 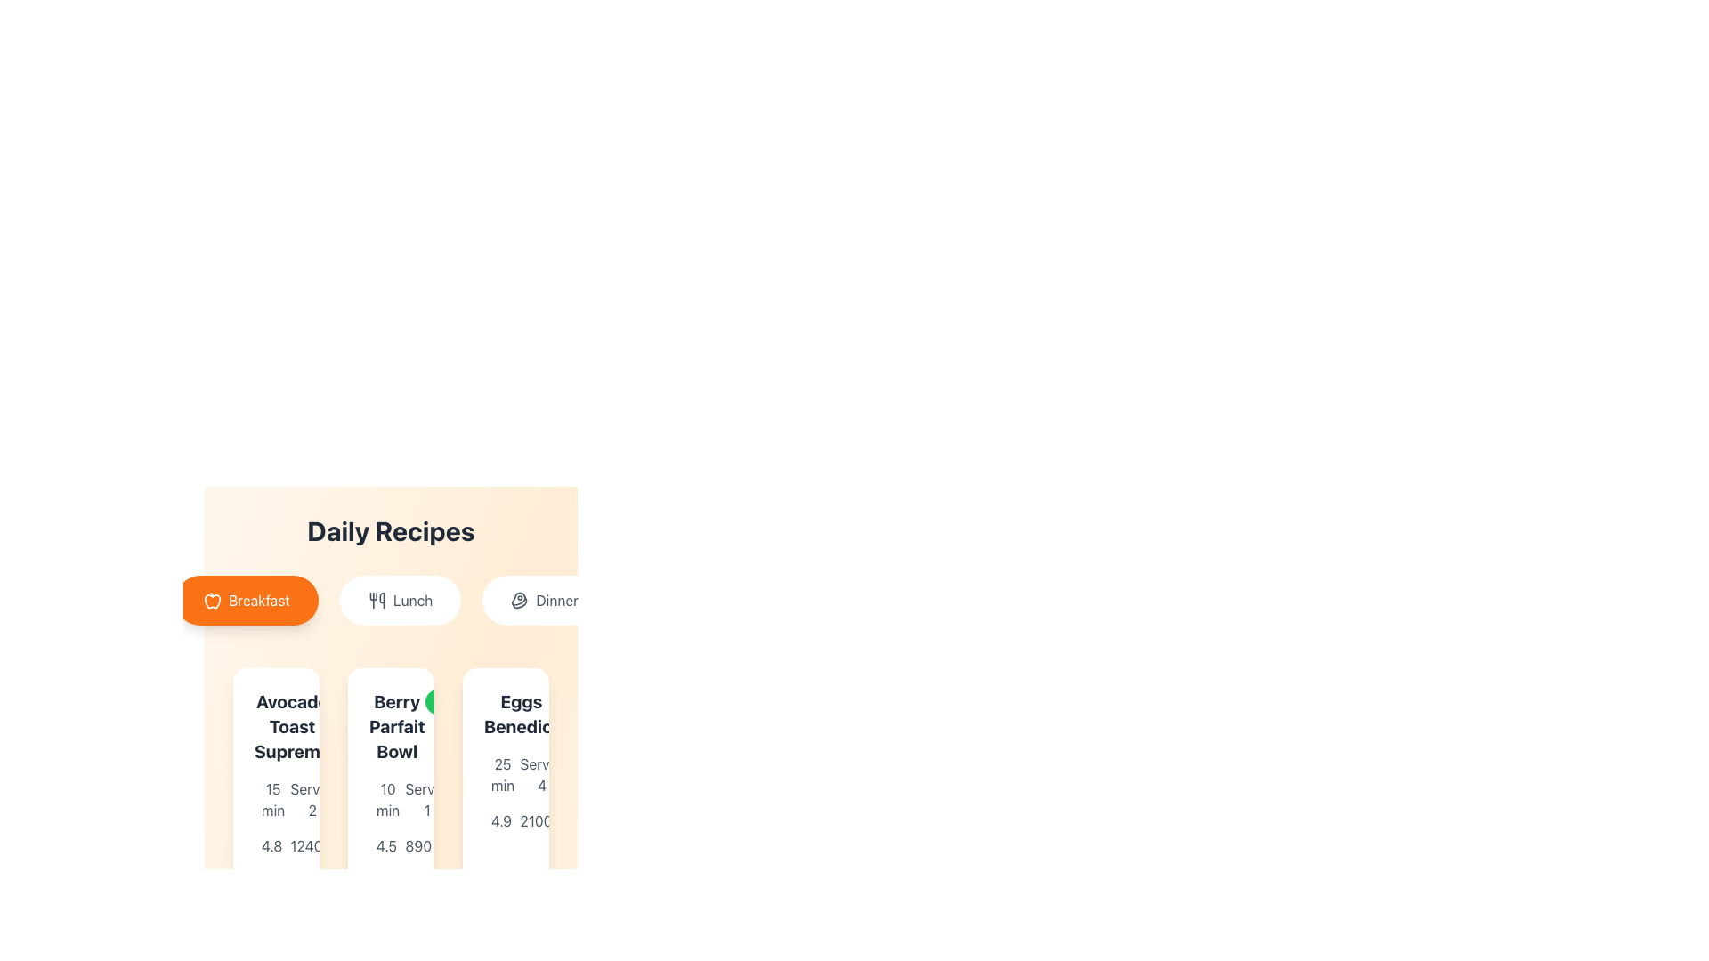 What do you see at coordinates (505, 771) in the screenshot?
I see `the 'Eggs Benedict' card component located in the bottom-right quadrant of the 'Daily Recipes' section` at bounding box center [505, 771].